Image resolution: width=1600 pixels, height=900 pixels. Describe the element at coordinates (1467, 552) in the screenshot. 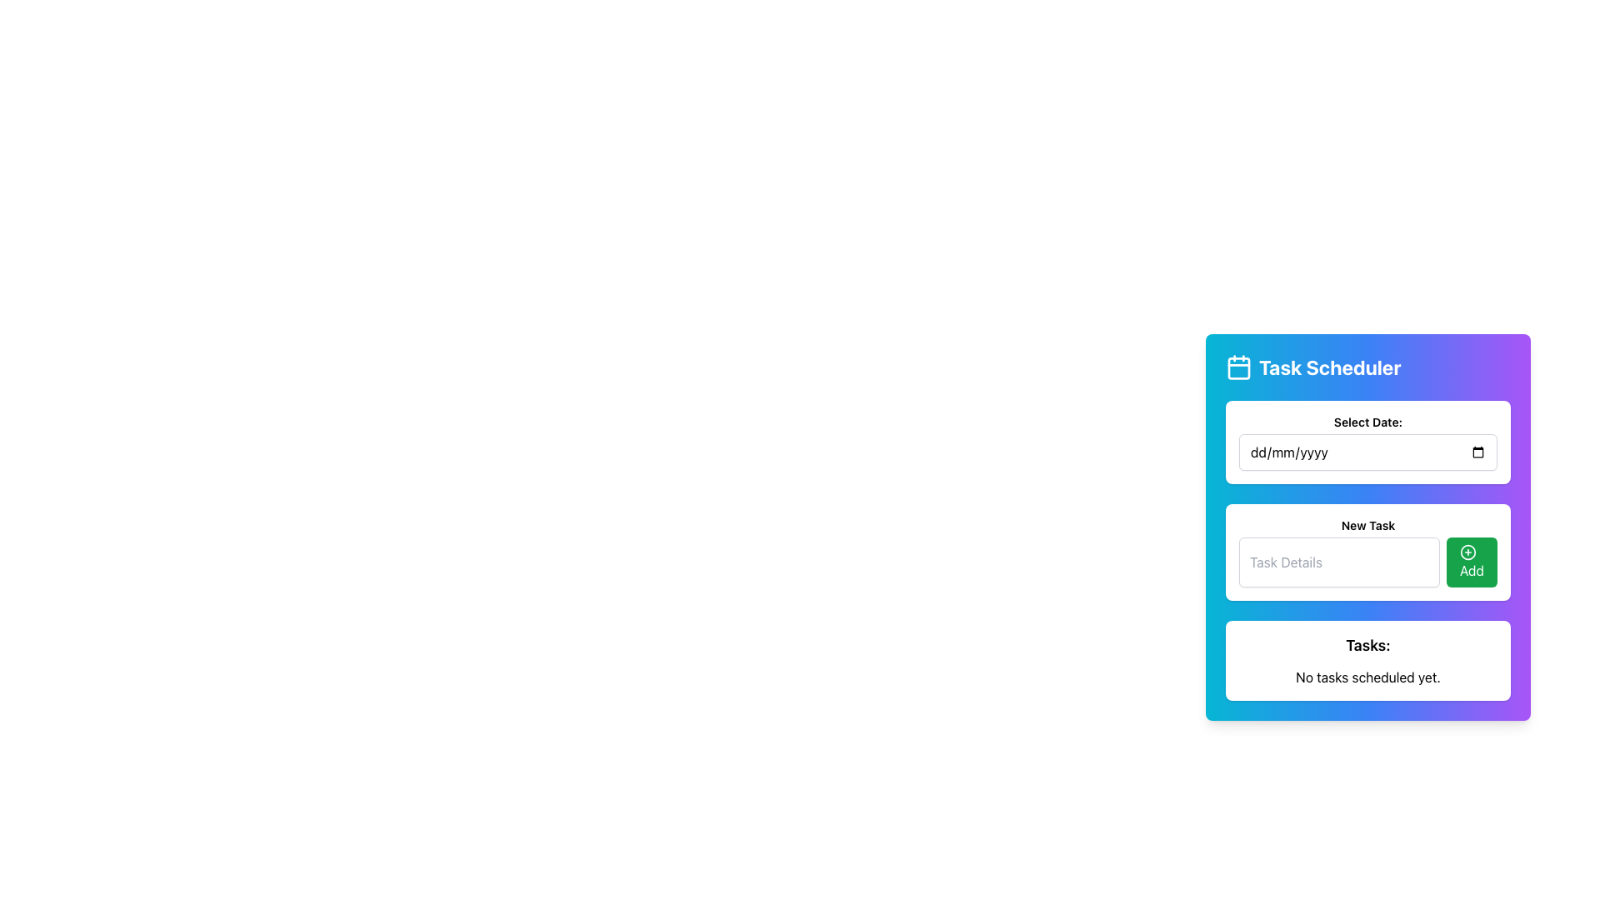

I see `the visual contribution of the SVG Circle that forms part of the circular-plus icon in the 'Add' button of the task scheduler interface` at that location.